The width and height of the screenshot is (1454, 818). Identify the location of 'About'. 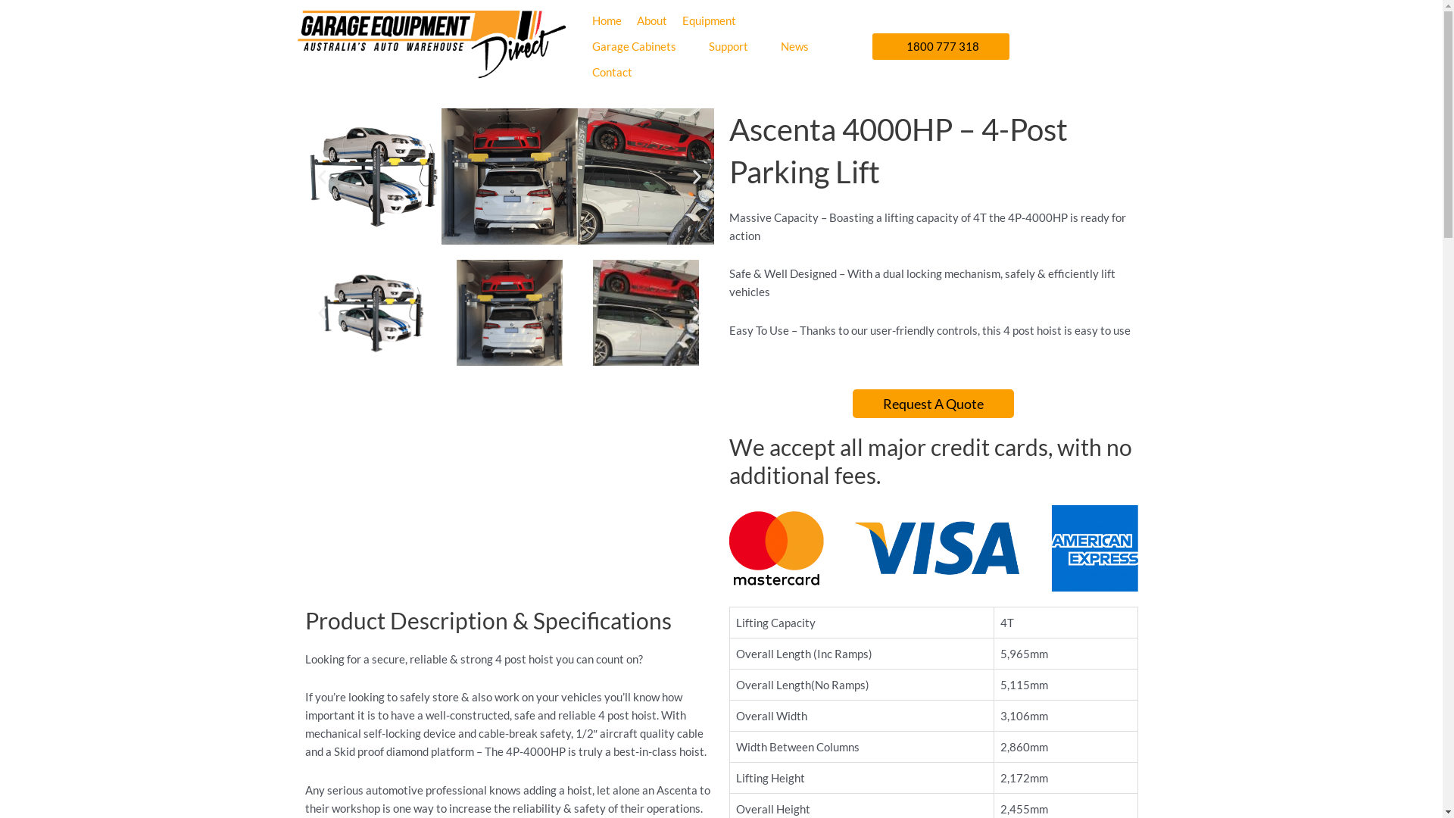
(636, 20).